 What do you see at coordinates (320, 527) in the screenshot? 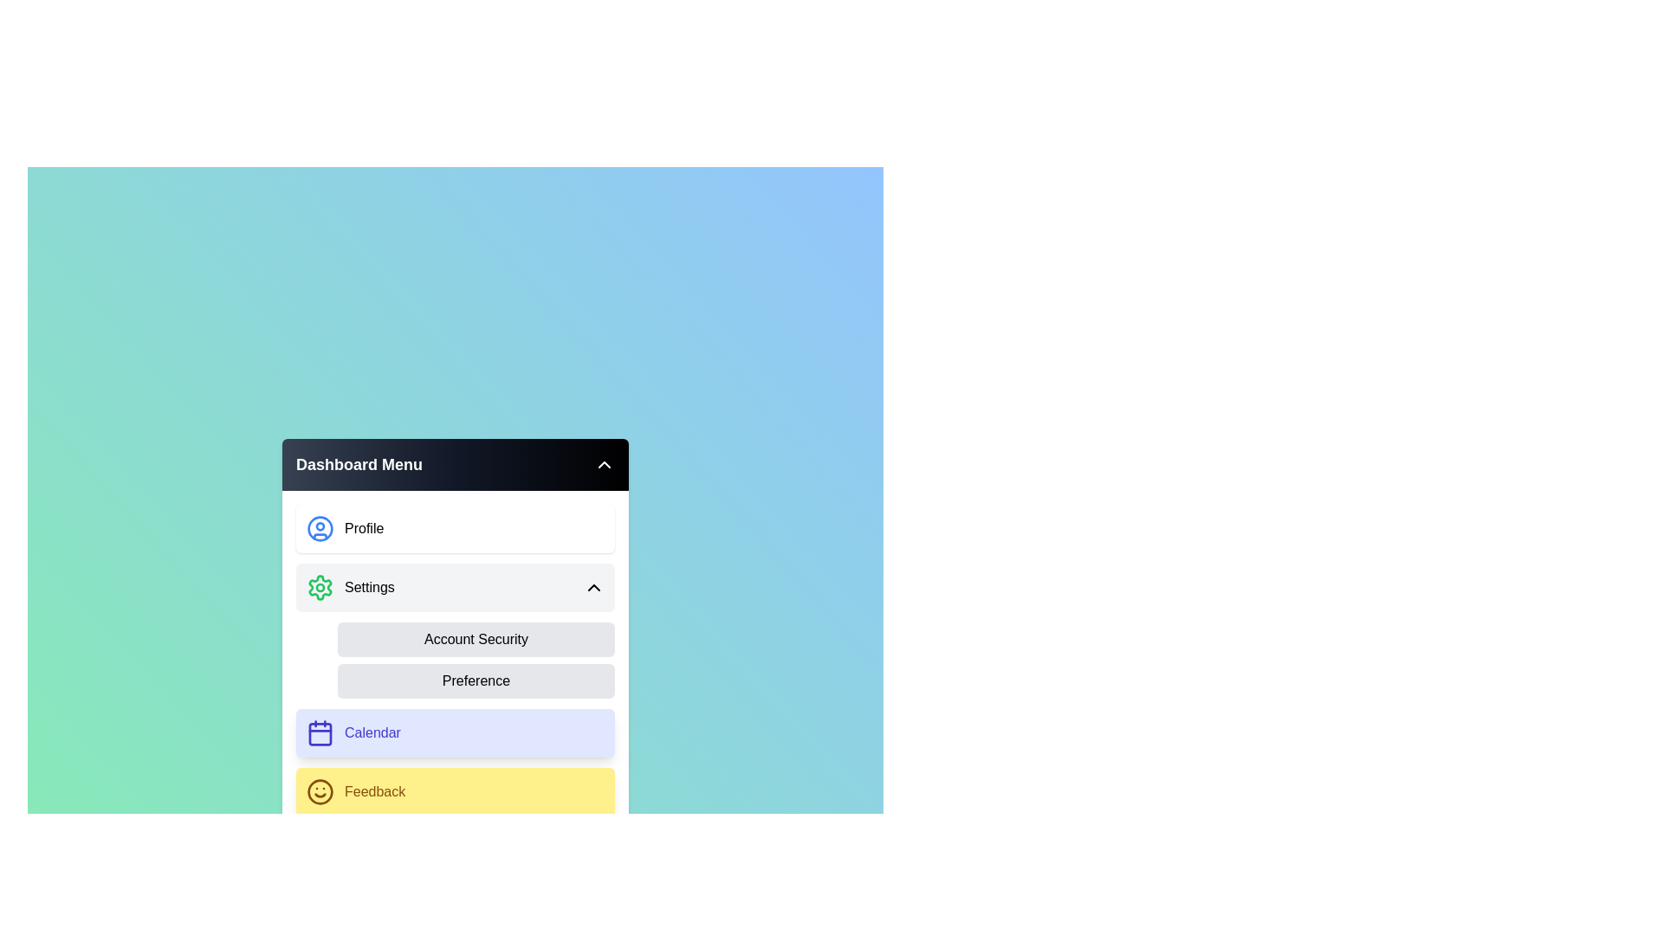
I see `the outermost circle of the 'Profile' icon in the menu, which serves as a visual cue for the 'Profile' section` at bounding box center [320, 527].